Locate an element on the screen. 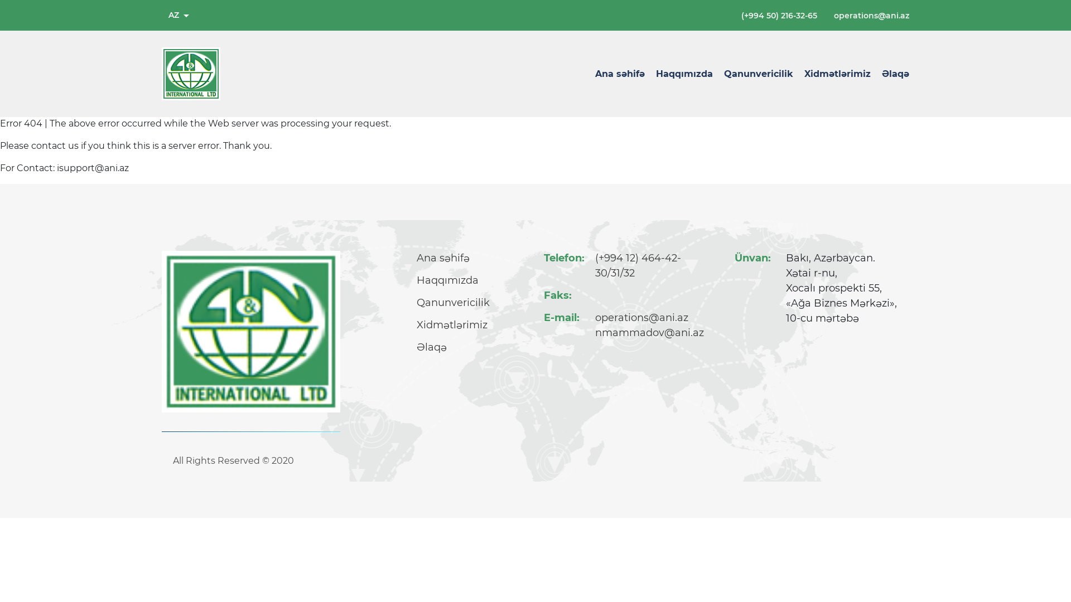 Image resolution: width=1071 pixels, height=602 pixels. '(+994 50) 216-32-65' is located at coordinates (778, 15).